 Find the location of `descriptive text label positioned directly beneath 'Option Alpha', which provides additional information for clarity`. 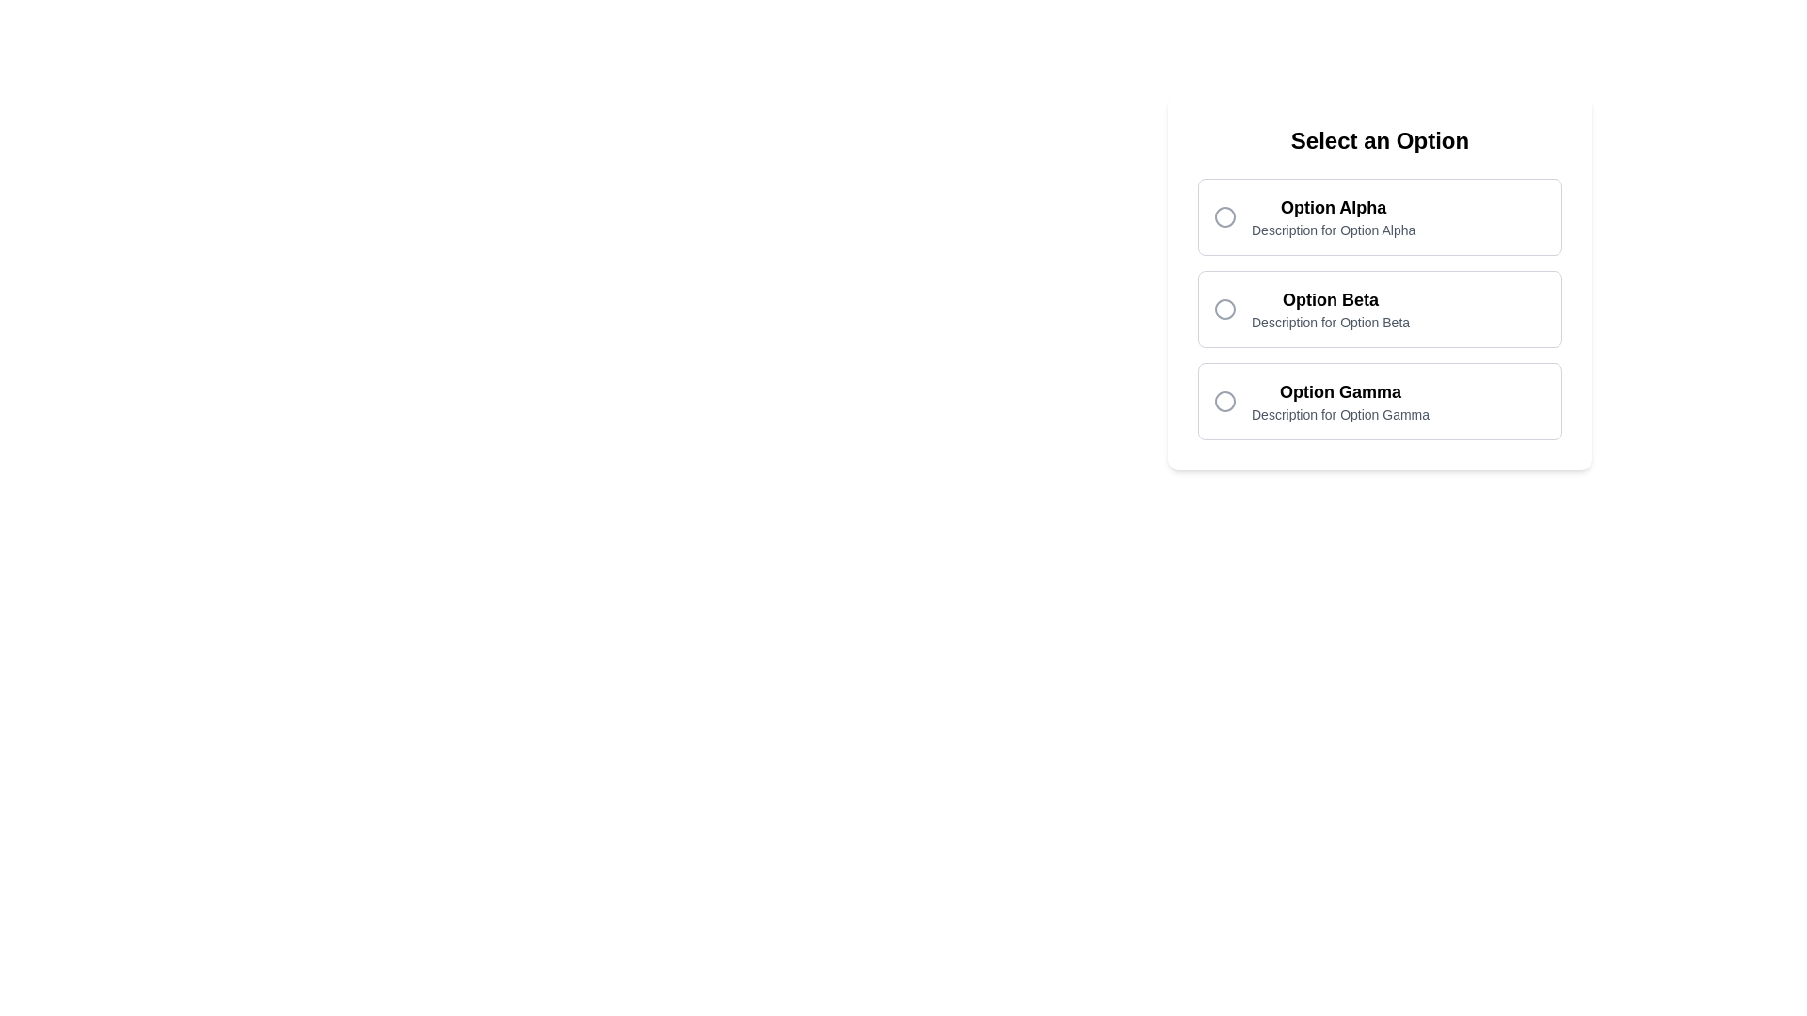

descriptive text label positioned directly beneath 'Option Alpha', which provides additional information for clarity is located at coordinates (1333, 230).